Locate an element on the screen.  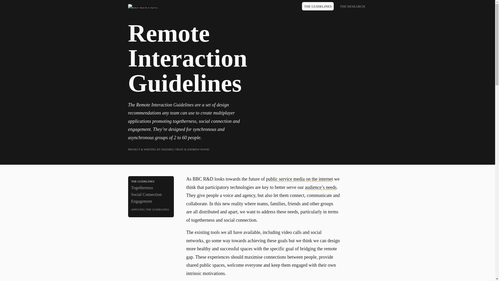
'Applying the Guidelines' is located at coordinates (150, 209).